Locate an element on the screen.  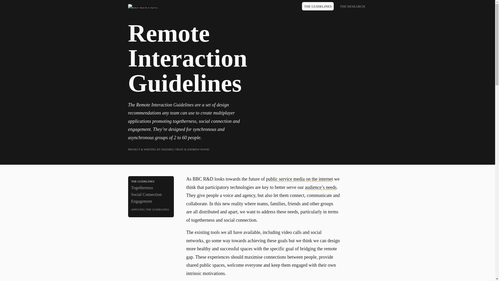
'Applying the Guidelines' is located at coordinates (150, 209).